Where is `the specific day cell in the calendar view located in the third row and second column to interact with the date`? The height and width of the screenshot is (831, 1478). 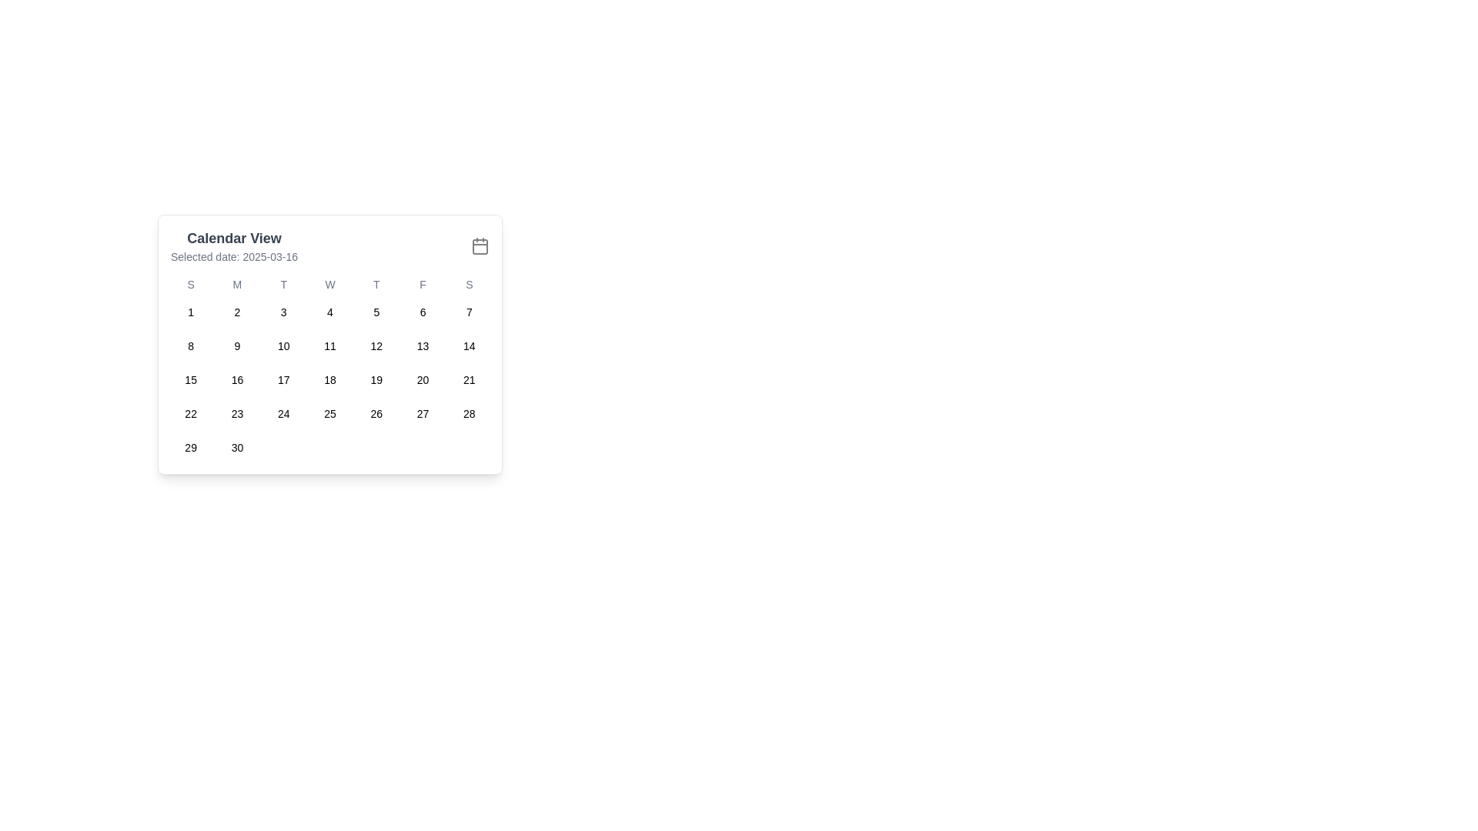 the specific day cell in the calendar view located in the third row and second column to interact with the date is located at coordinates (236, 379).